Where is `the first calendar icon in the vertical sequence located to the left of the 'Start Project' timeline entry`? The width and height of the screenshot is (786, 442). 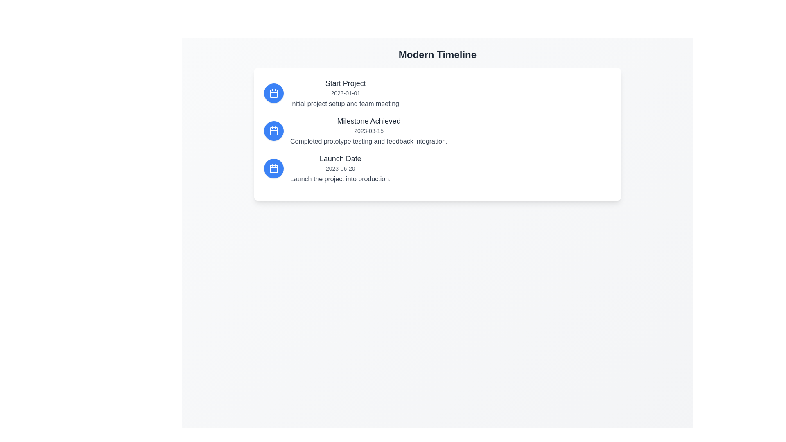
the first calendar icon in the vertical sequence located to the left of the 'Start Project' timeline entry is located at coordinates (273, 92).